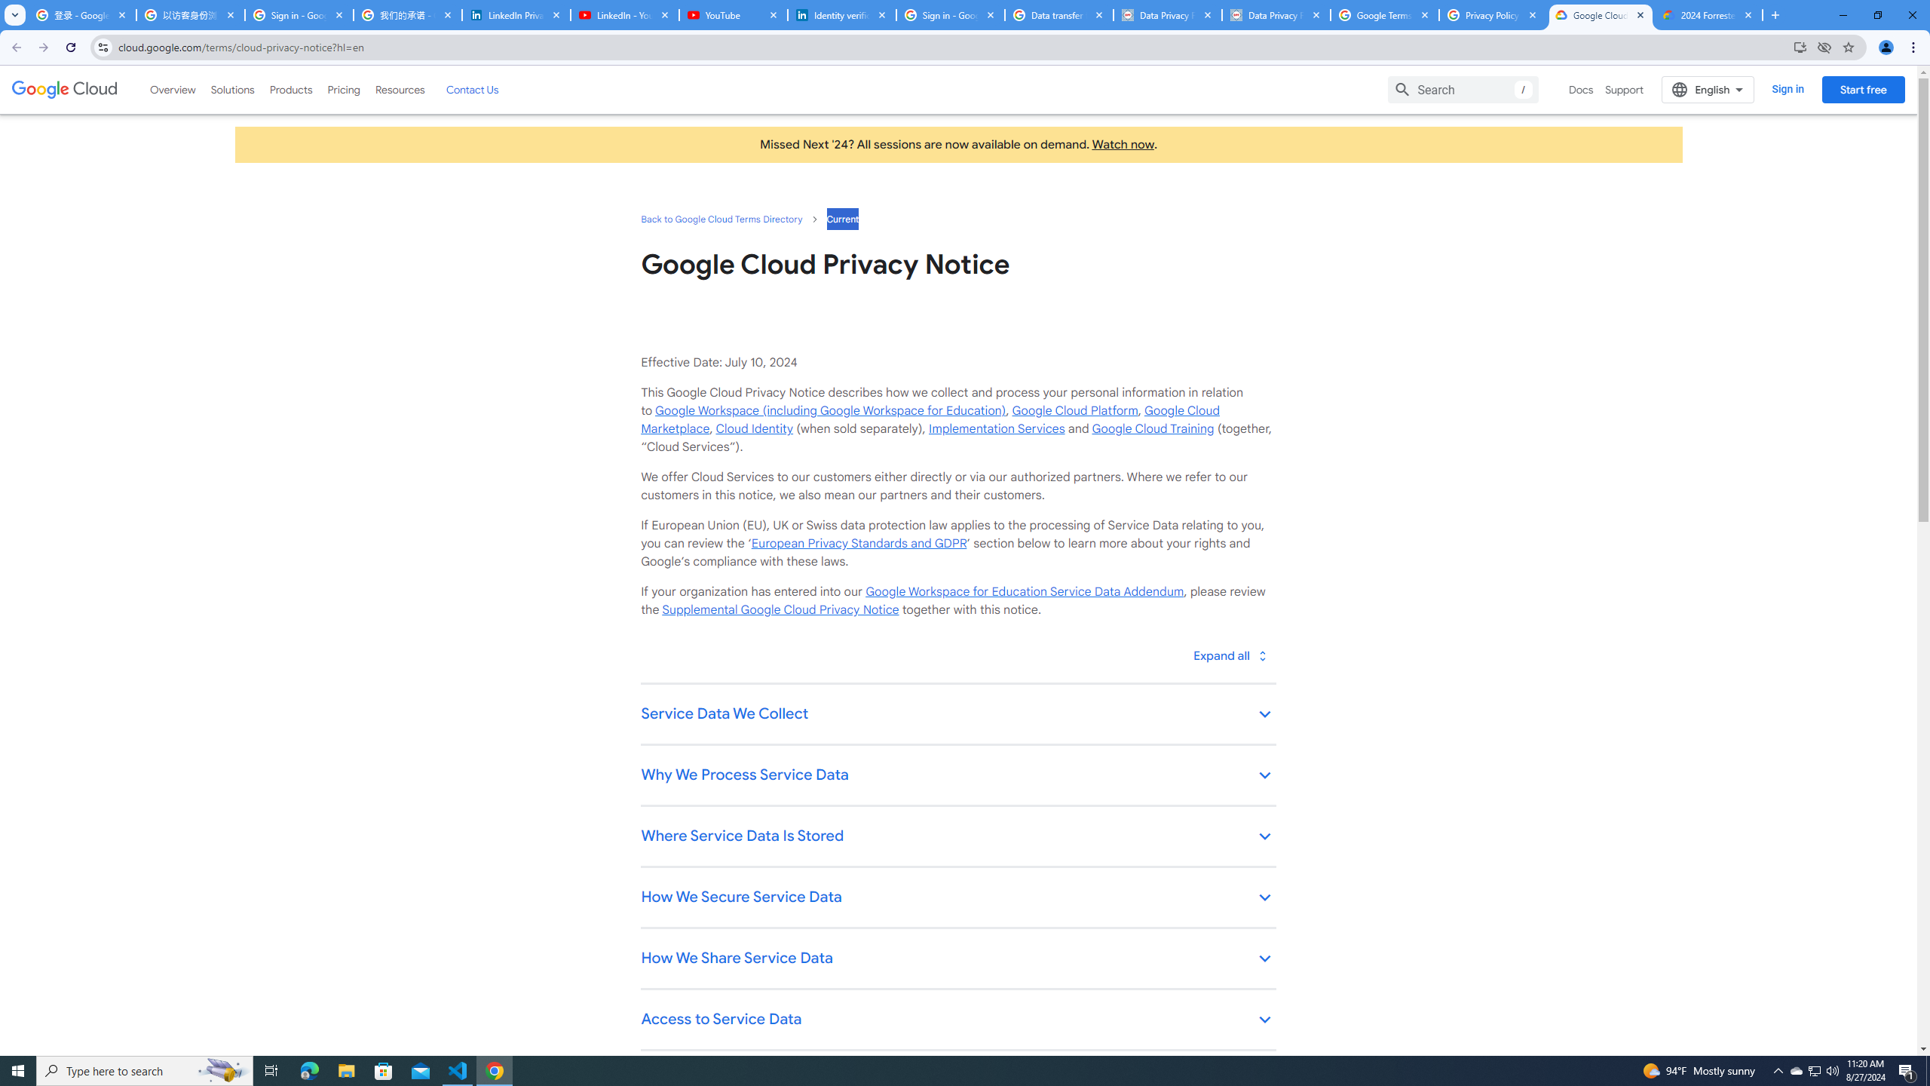 This screenshot has width=1930, height=1086. What do you see at coordinates (399, 89) in the screenshot?
I see `'Resources'` at bounding box center [399, 89].